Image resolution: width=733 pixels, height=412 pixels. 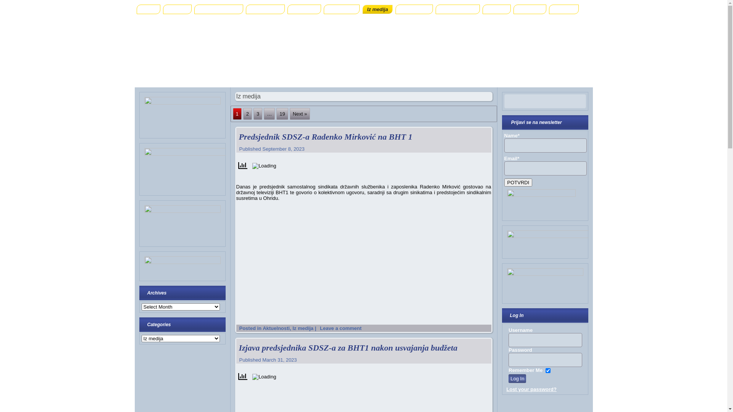 What do you see at coordinates (304, 9) in the screenshot?
I see `'Skupstine'` at bounding box center [304, 9].